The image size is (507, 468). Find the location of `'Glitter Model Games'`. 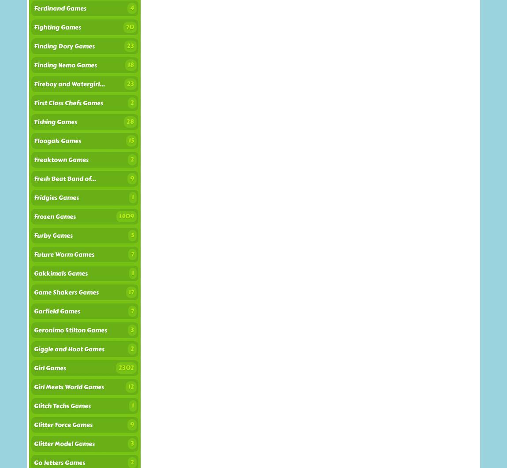

'Glitter Model Games' is located at coordinates (64, 443).